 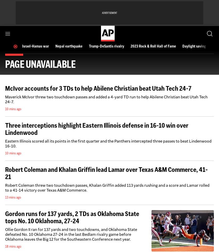 What do you see at coordinates (5, 129) in the screenshot?
I see `'Three interceptions highlight Eastern Illinois defense in 16-10 win over Lindenwood'` at bounding box center [5, 129].